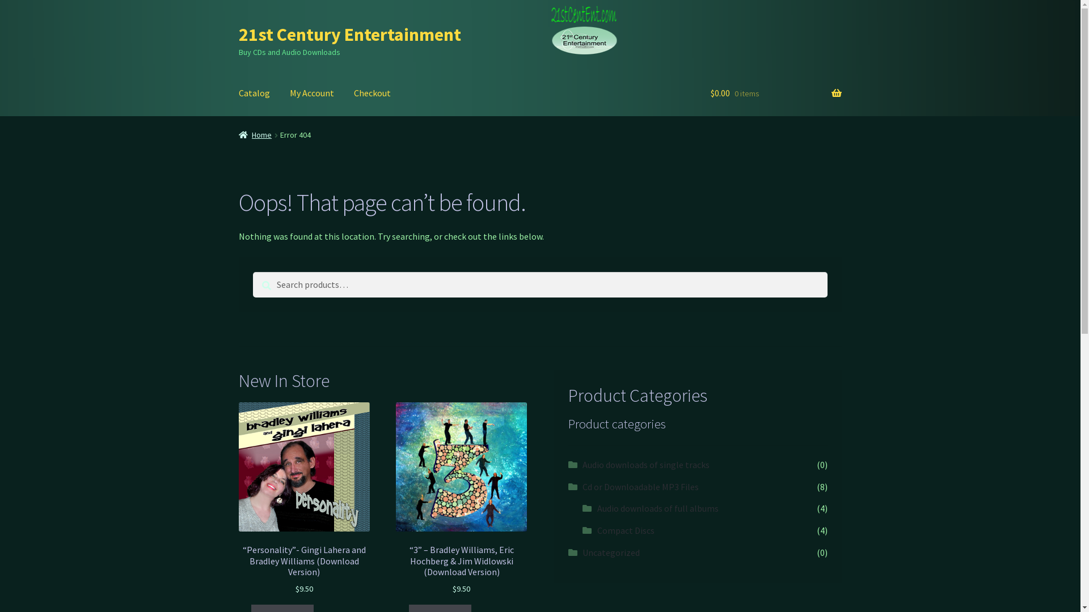  What do you see at coordinates (658, 508) in the screenshot?
I see `'Audio downloads of full albums'` at bounding box center [658, 508].